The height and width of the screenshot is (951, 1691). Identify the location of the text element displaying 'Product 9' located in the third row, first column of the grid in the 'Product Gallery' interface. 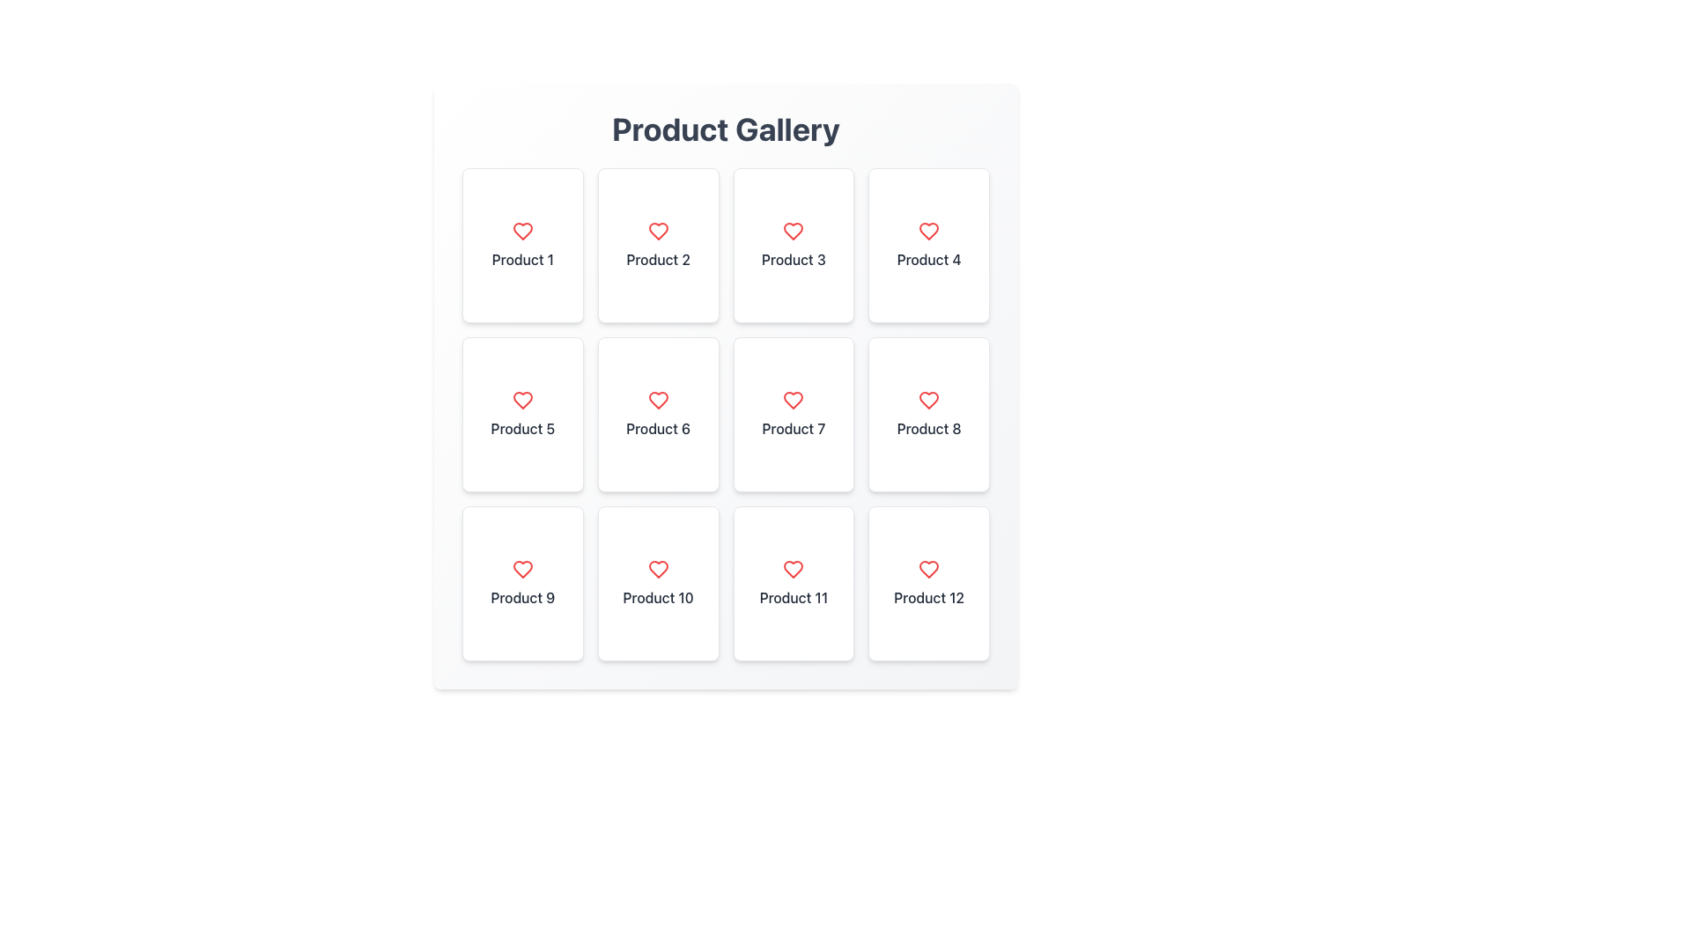
(521, 596).